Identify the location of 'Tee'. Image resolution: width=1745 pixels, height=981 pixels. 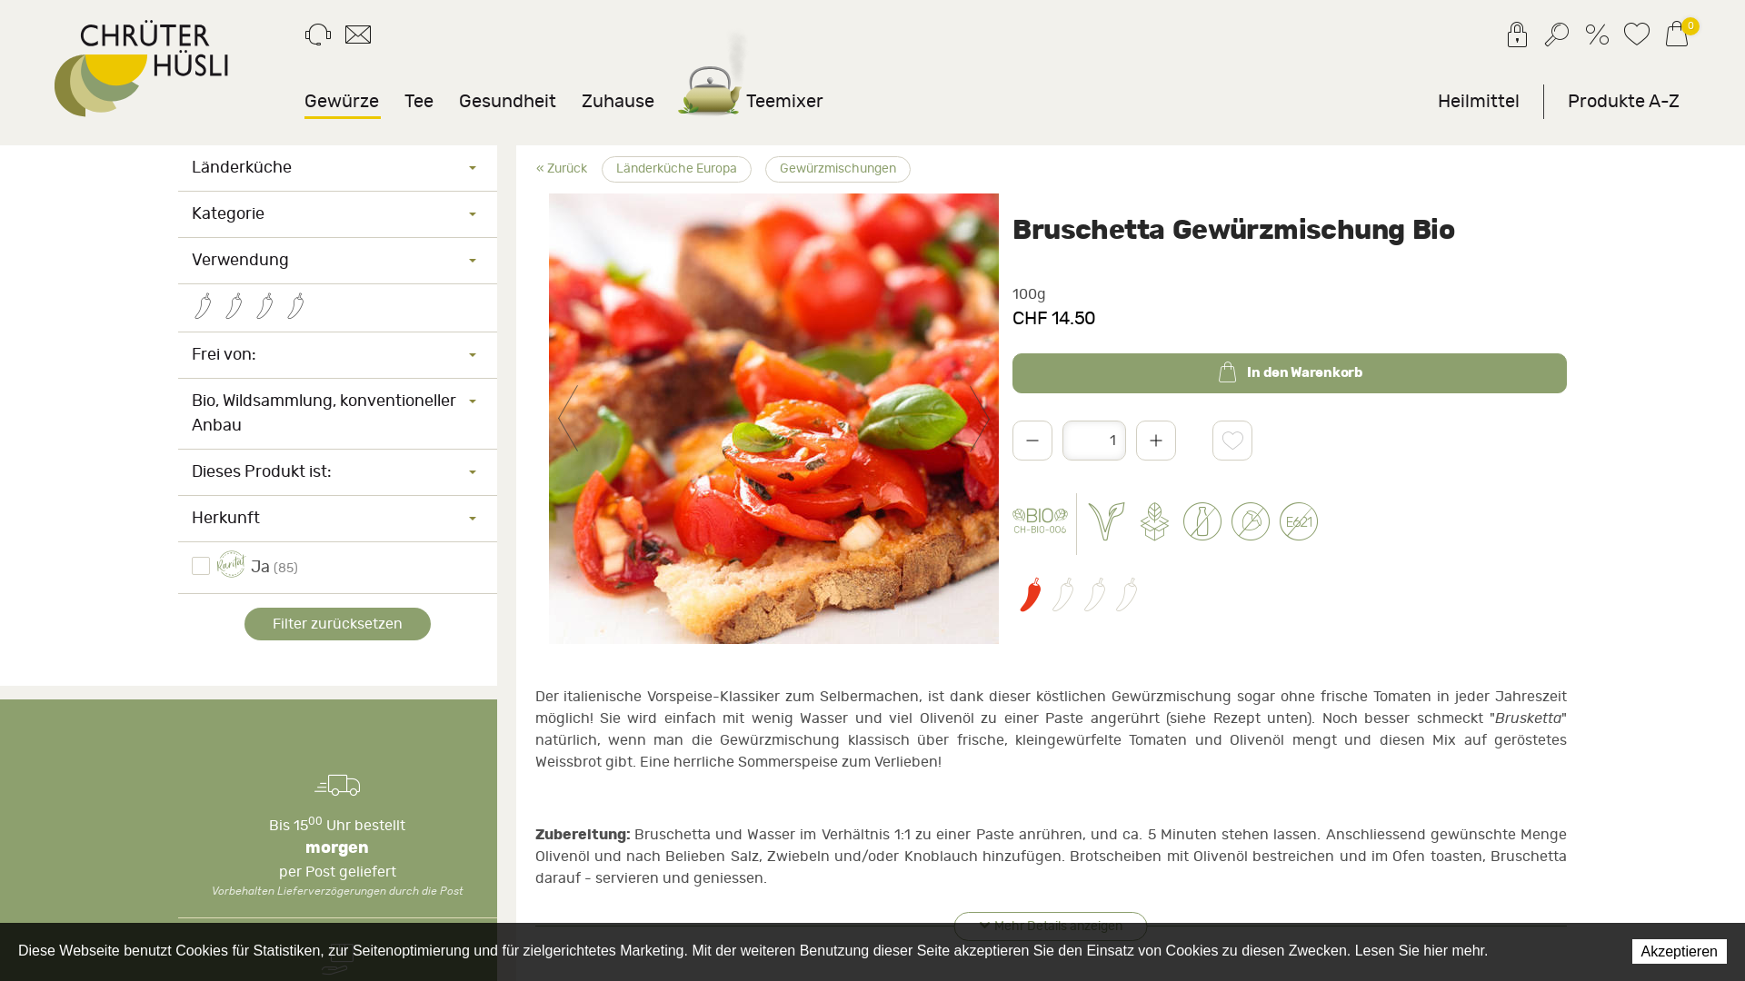
(417, 101).